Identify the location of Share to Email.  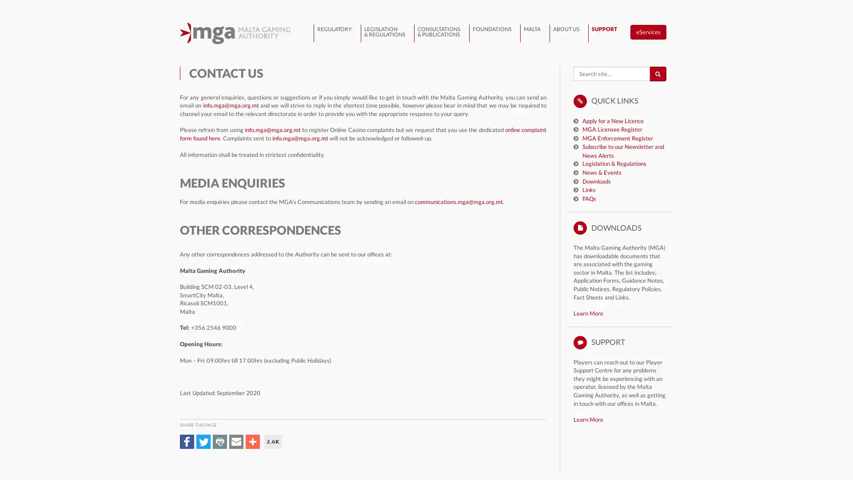
(236, 442).